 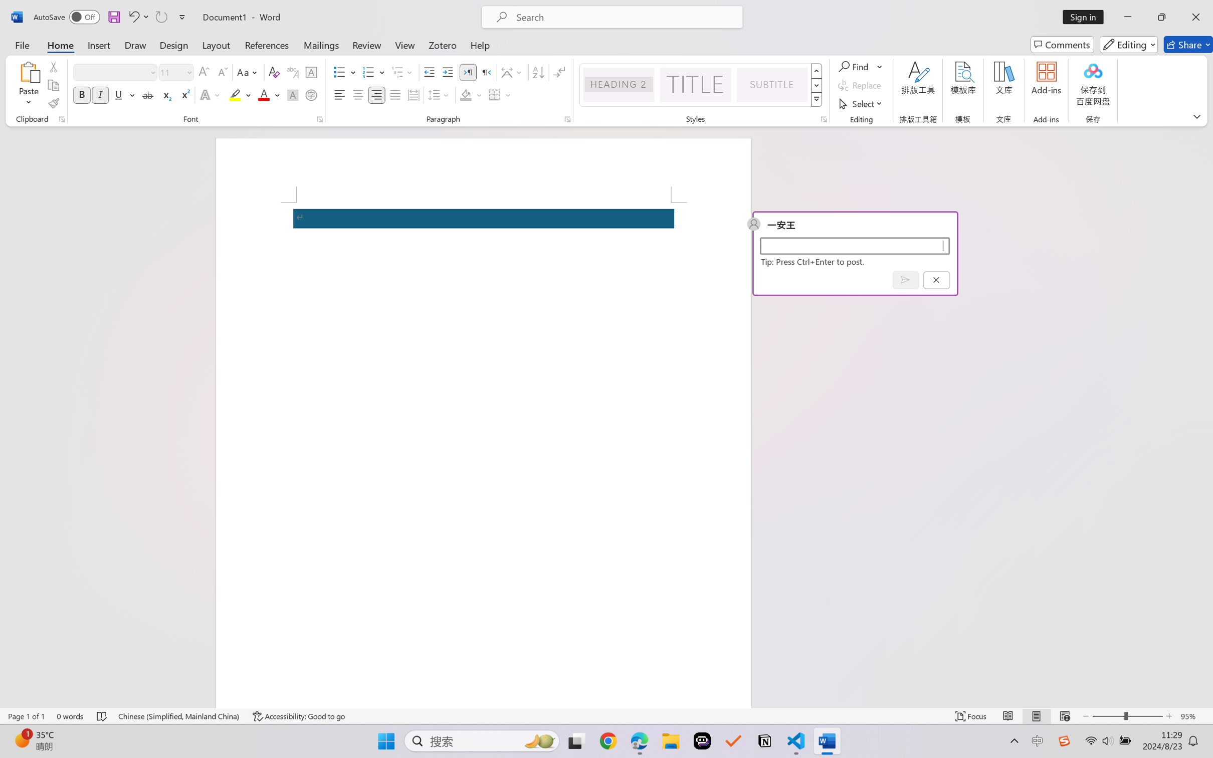 What do you see at coordinates (137, 17) in the screenshot?
I see `'Undo'` at bounding box center [137, 17].